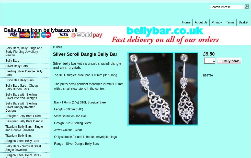 The image size is (251, 158). Describe the element at coordinates (16, 66) in the screenshot. I see `'Silver Belly Bars'` at that location.